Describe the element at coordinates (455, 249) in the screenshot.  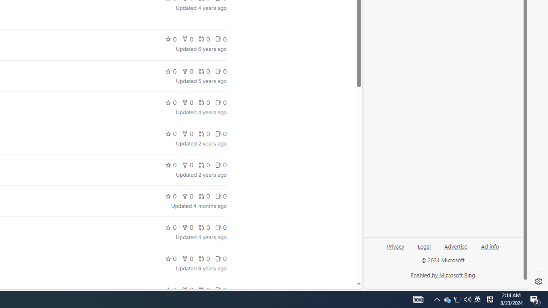
I see `'Advertise'` at that location.